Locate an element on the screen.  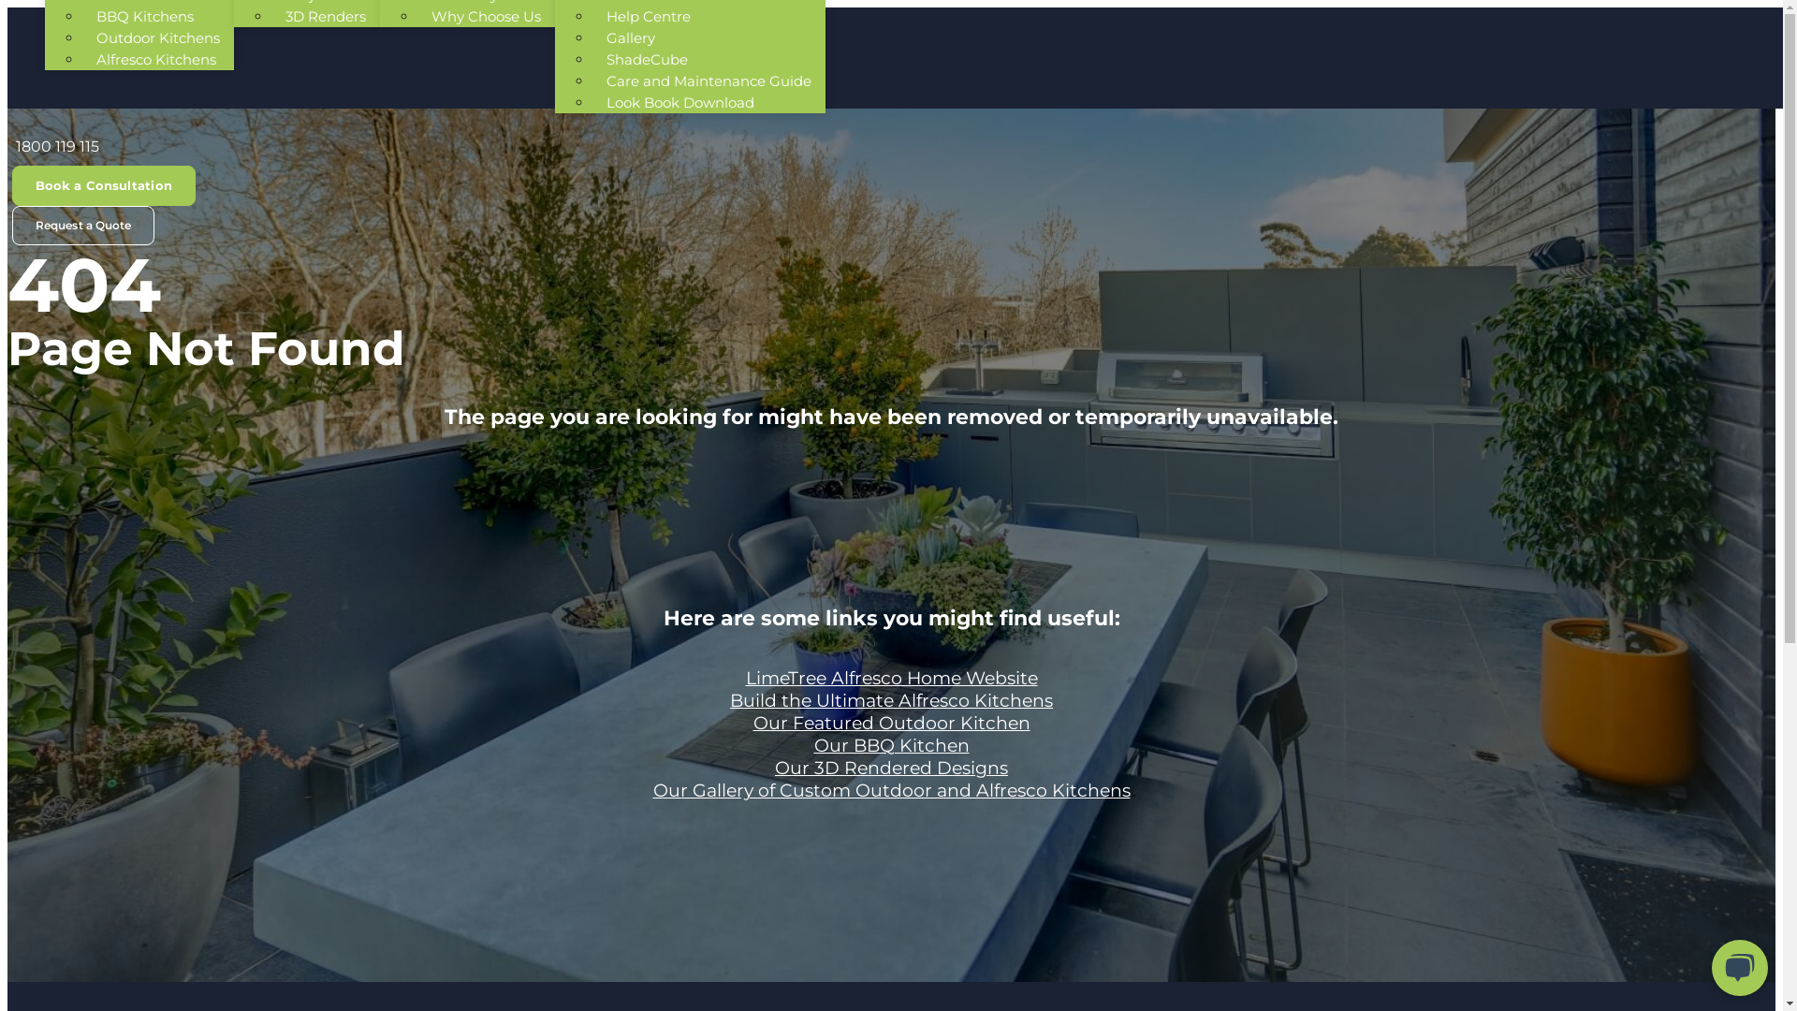
'Our Featured Outdoor Kitchen' is located at coordinates (889, 722).